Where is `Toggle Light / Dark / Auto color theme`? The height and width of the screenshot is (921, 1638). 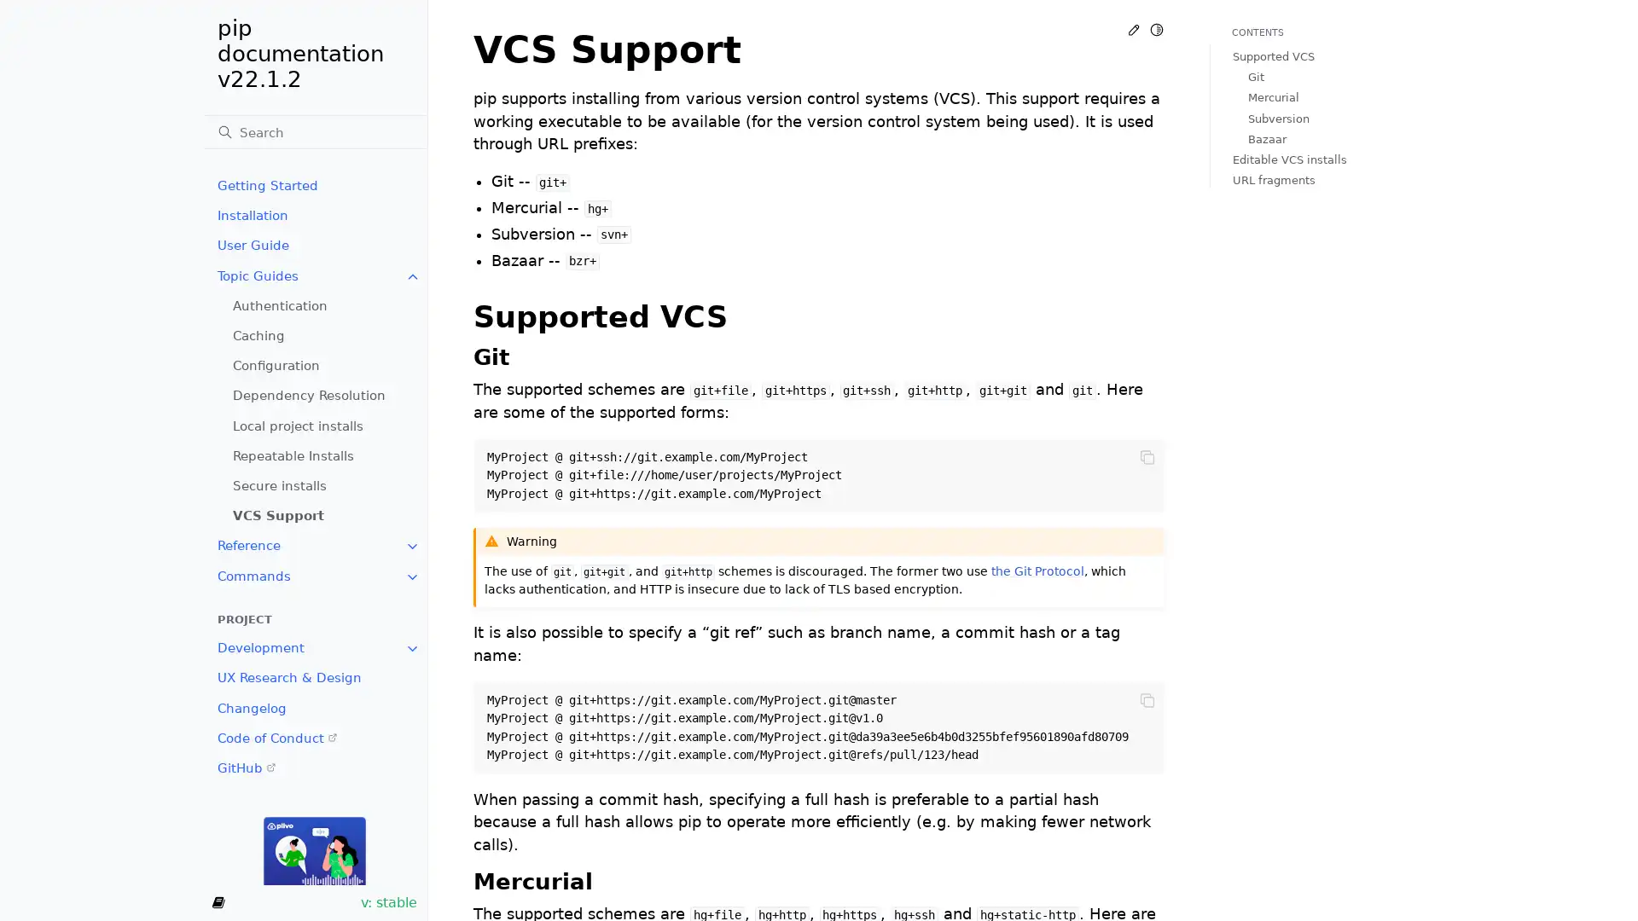 Toggle Light / Dark / Auto color theme is located at coordinates (1156, 29).